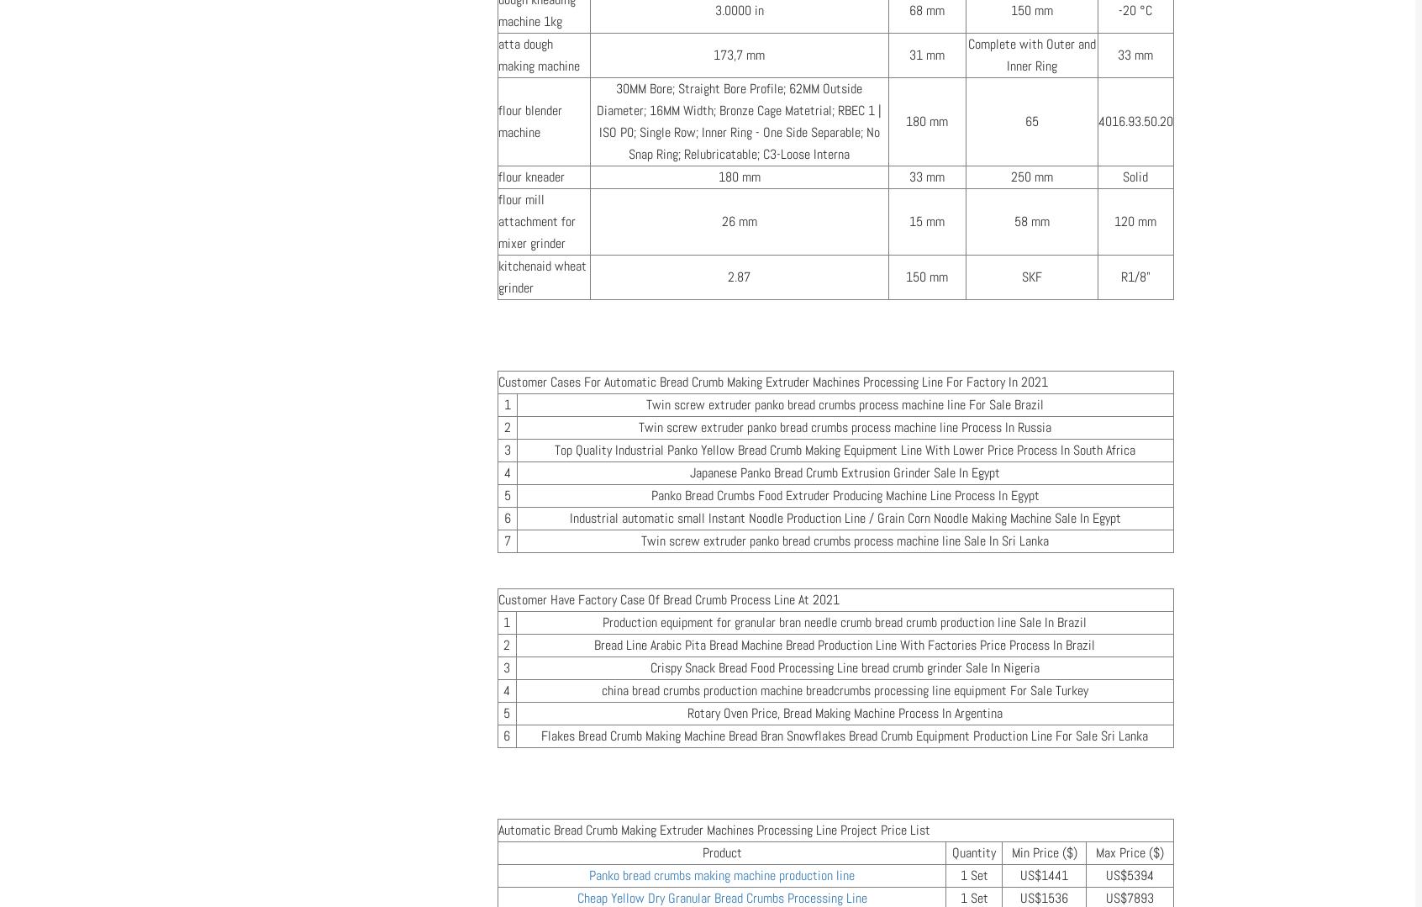 The image size is (1422, 907). What do you see at coordinates (1135, 10) in the screenshot?
I see `'-20 °C'` at bounding box center [1135, 10].